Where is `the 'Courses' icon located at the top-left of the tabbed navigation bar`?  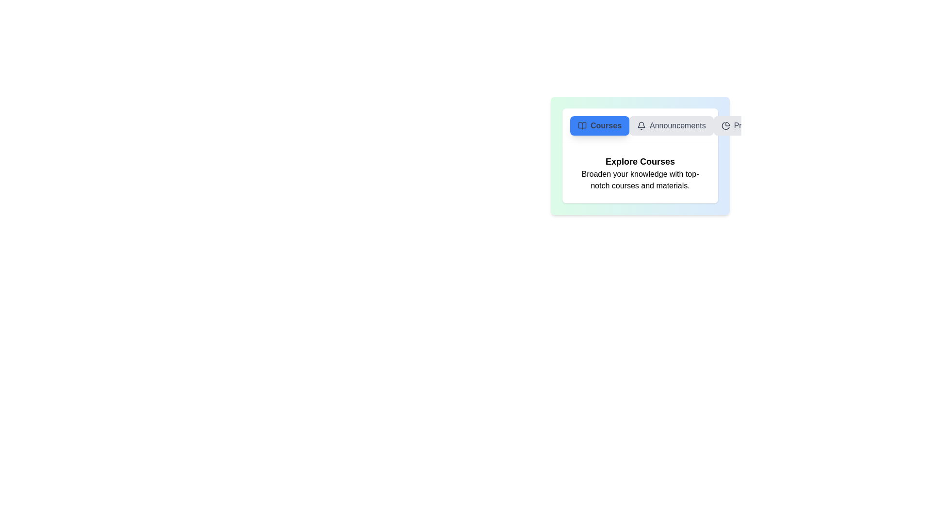 the 'Courses' icon located at the top-left of the tabbed navigation bar is located at coordinates (582, 125).